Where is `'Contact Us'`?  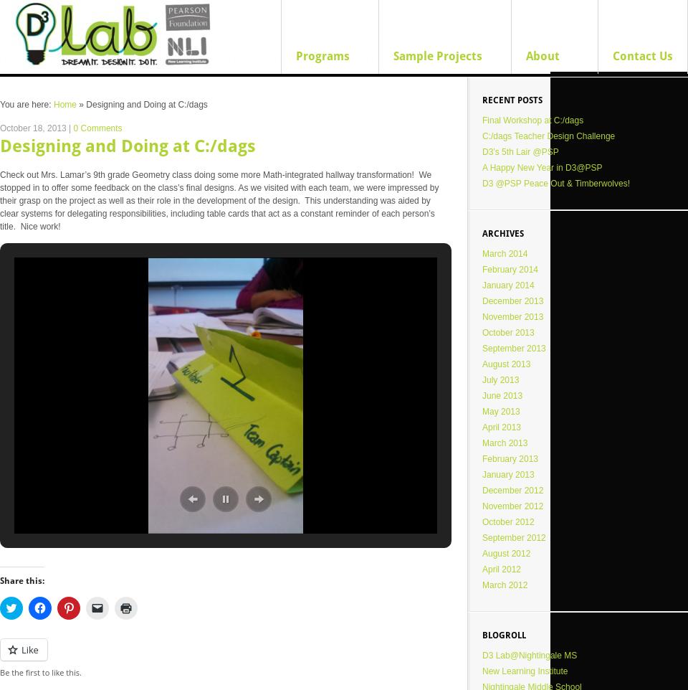 'Contact Us' is located at coordinates (642, 56).